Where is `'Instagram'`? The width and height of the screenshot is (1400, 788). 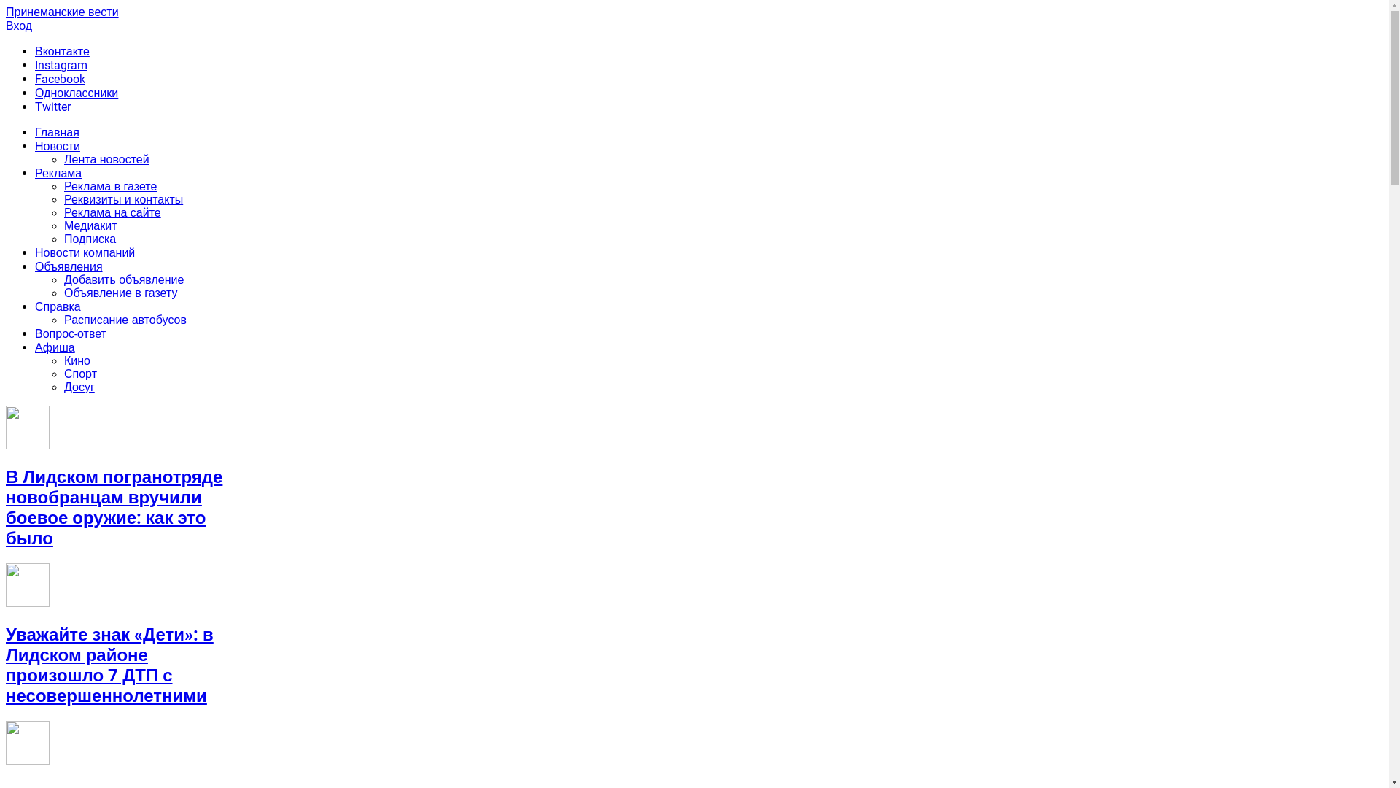
'Instagram' is located at coordinates (60, 64).